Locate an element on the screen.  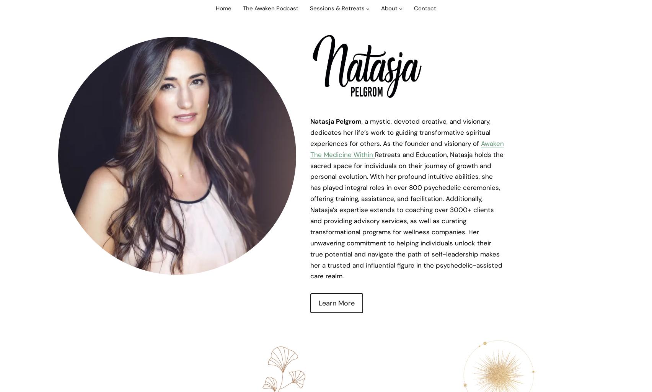
'Learn More' is located at coordinates (336, 303).